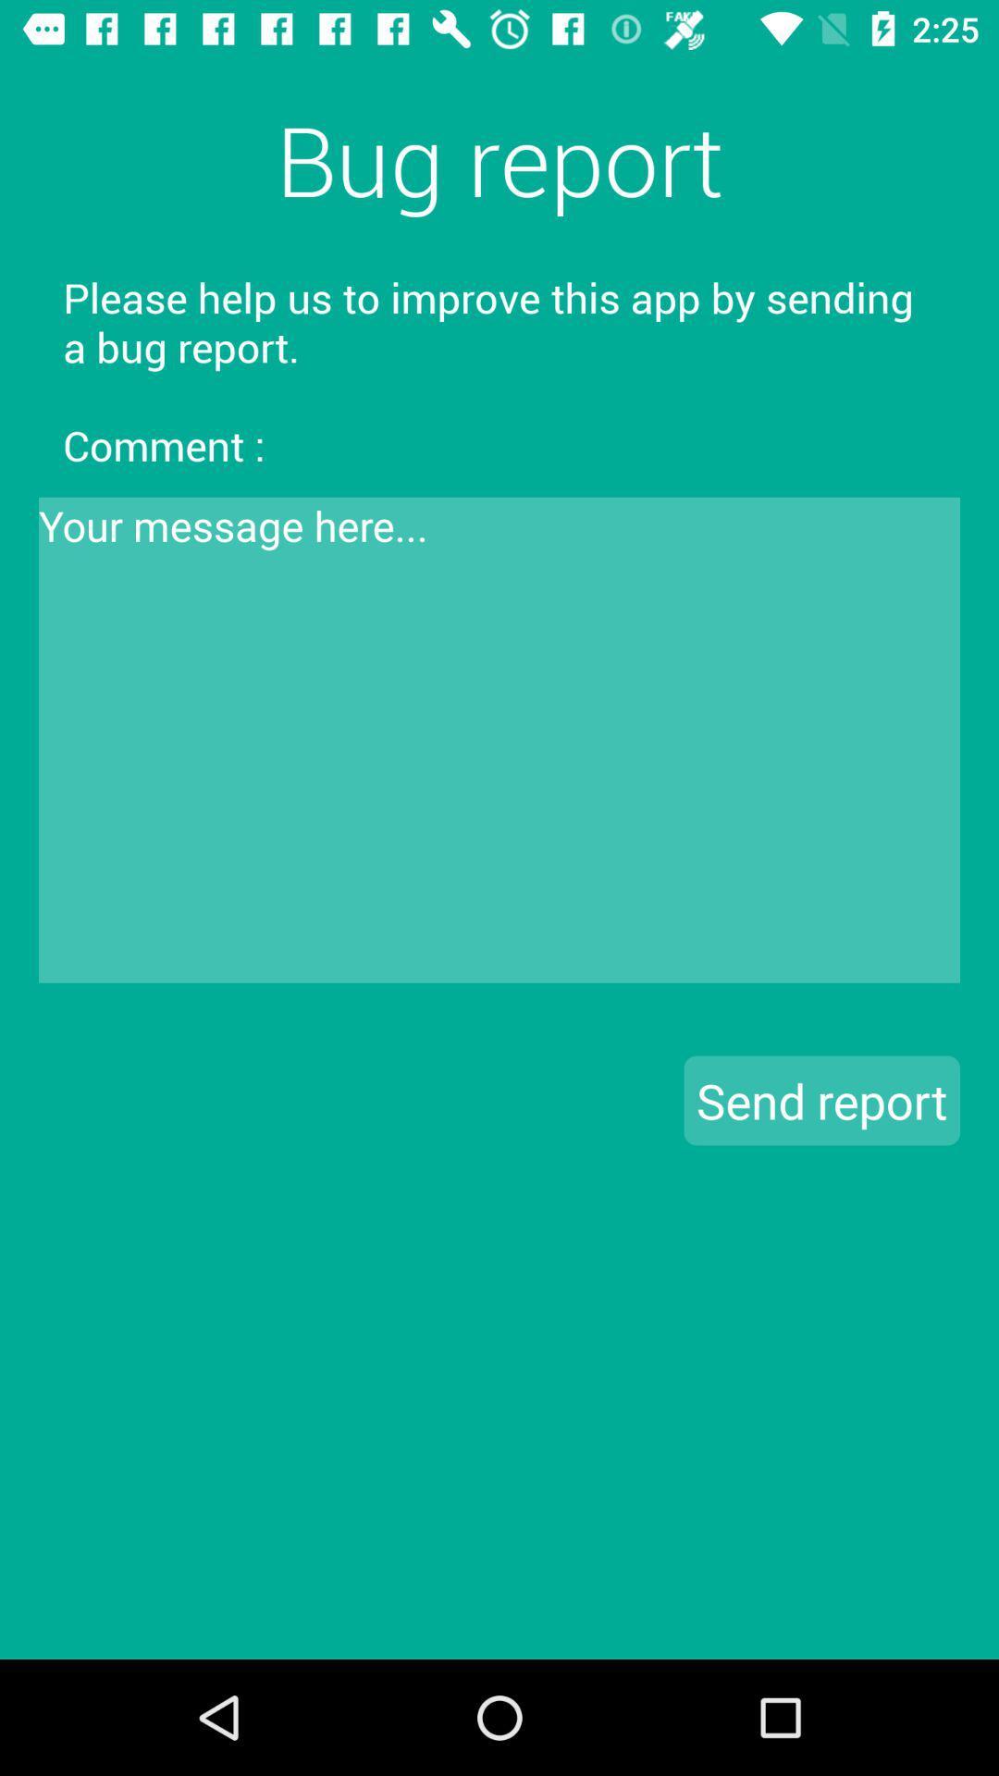  I want to click on the send report button, so click(820, 1100).